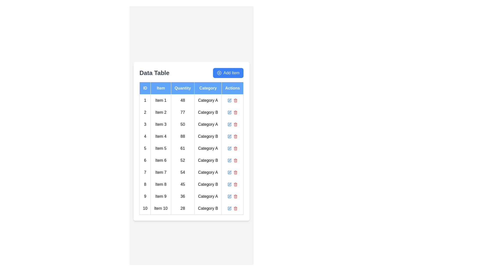 This screenshot has height=270, width=480. What do you see at coordinates (235, 184) in the screenshot?
I see `the delete button in the 'Actions' column of the second row corresponding to 'Item 8'` at bounding box center [235, 184].